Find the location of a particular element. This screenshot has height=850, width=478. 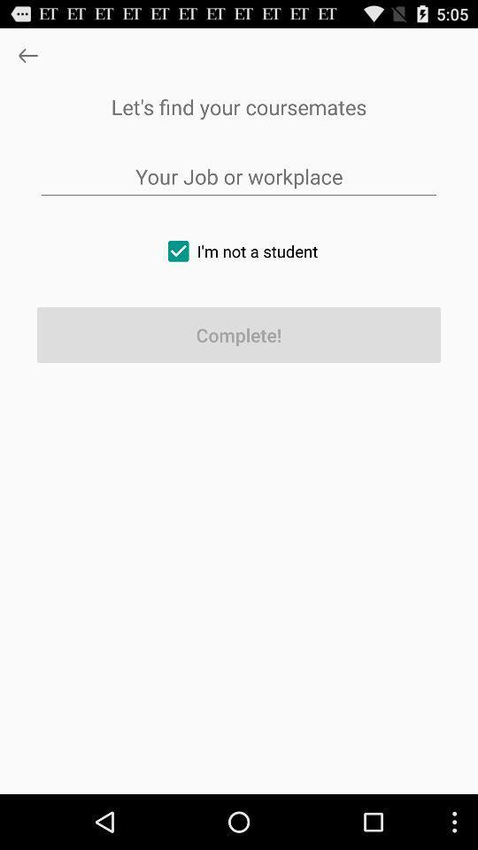

job or workplace is located at coordinates (239, 176).